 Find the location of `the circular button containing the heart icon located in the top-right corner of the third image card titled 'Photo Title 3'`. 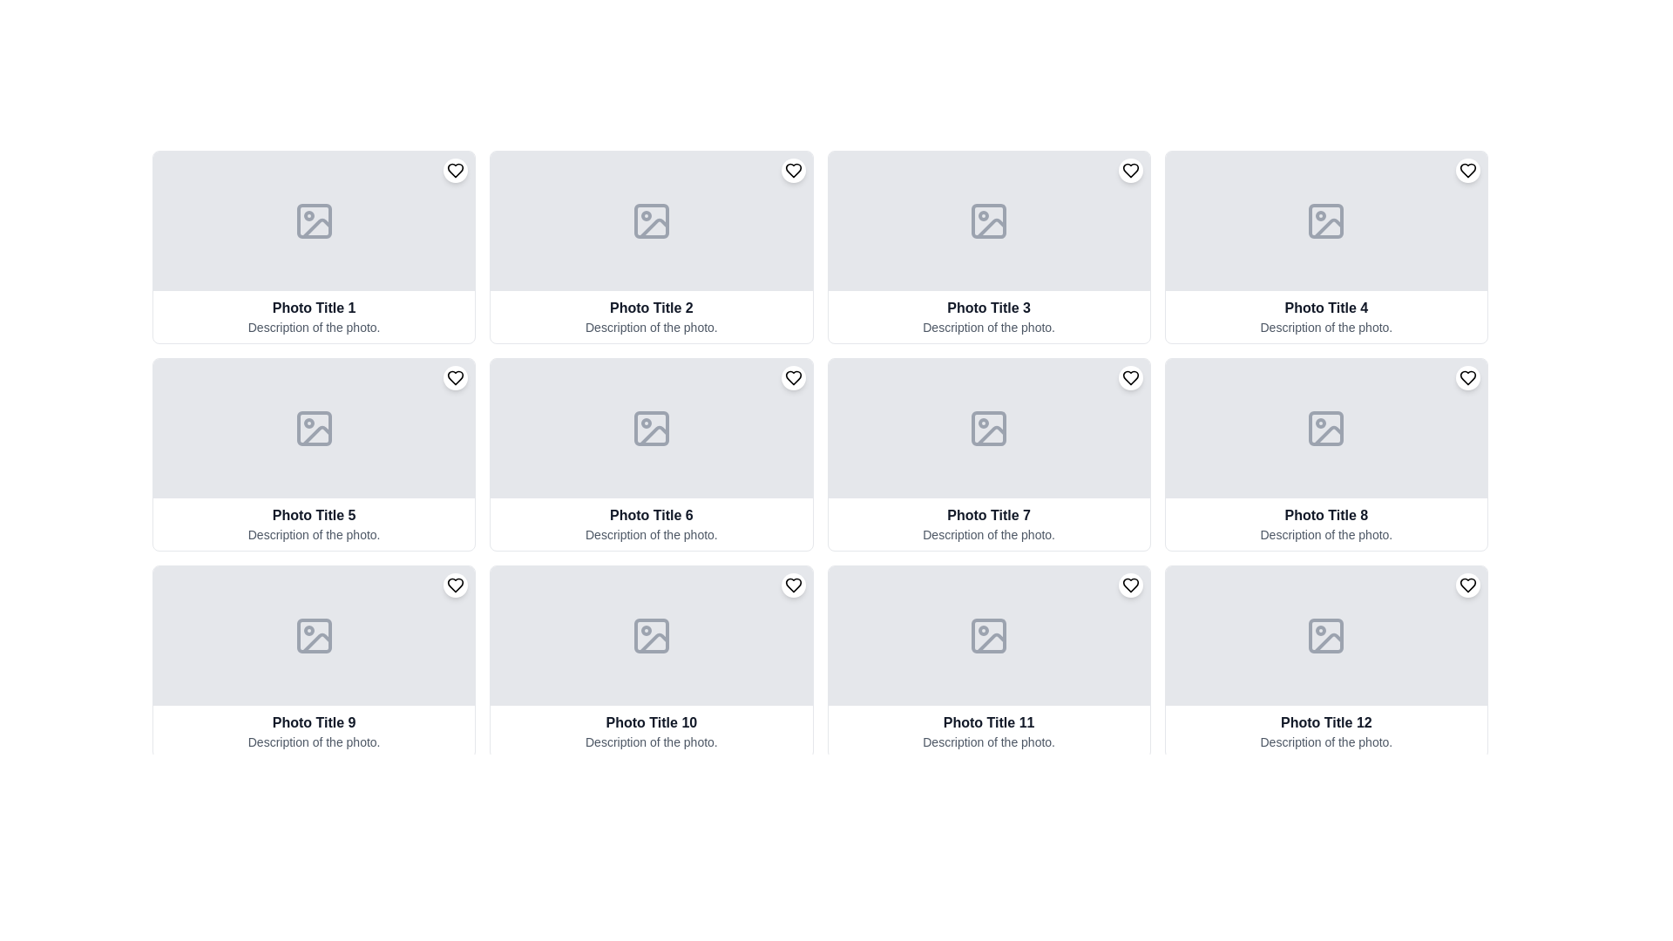

the circular button containing the heart icon located in the top-right corner of the third image card titled 'Photo Title 3' is located at coordinates (1130, 171).